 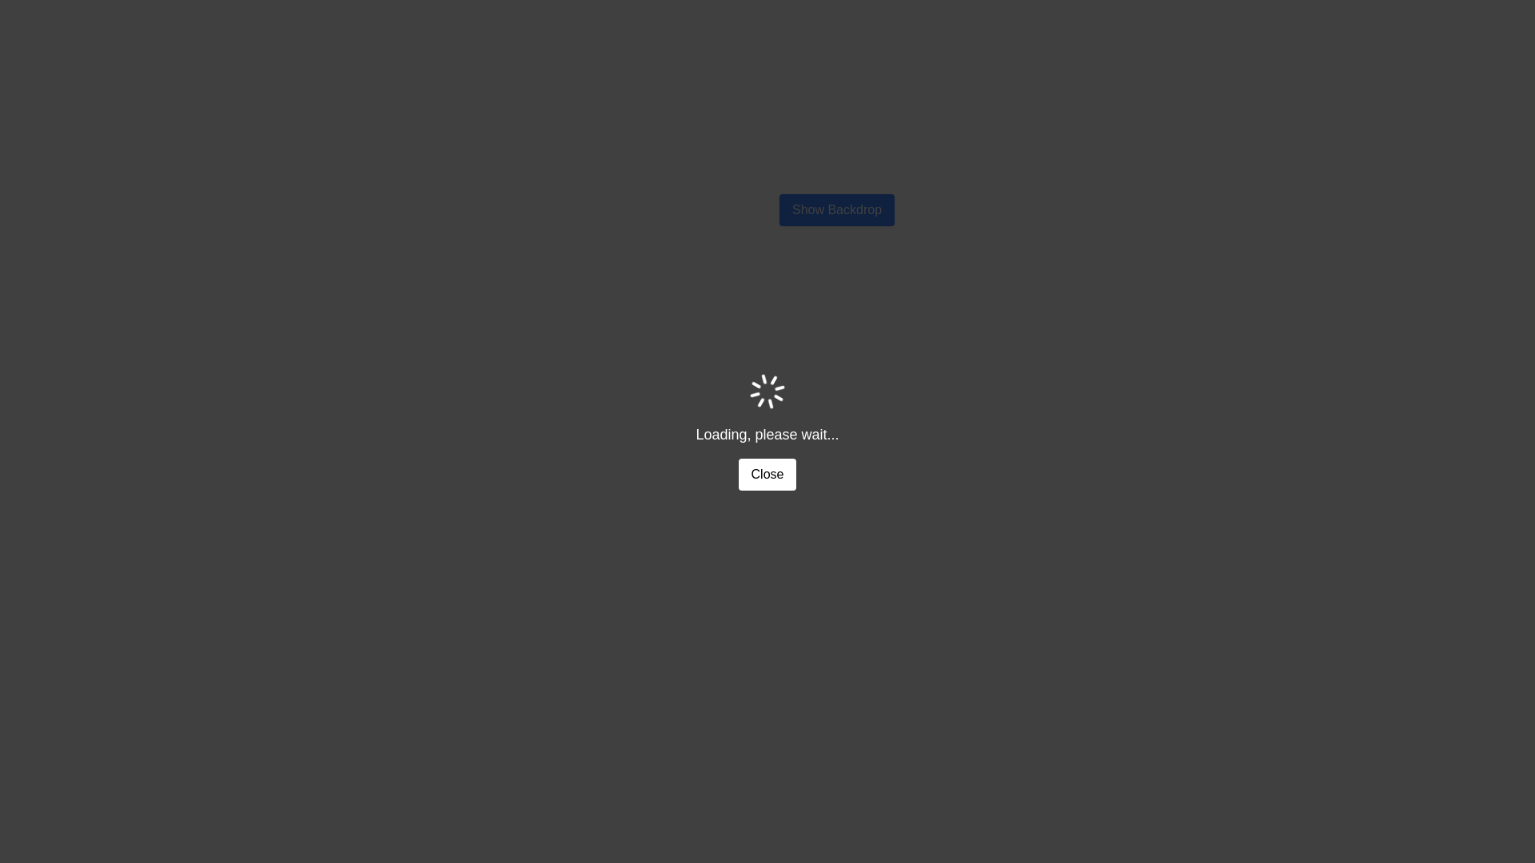 What do you see at coordinates (767, 434) in the screenshot?
I see `text displayed in the Text Label that indicates the system is currently processing or loading an operation, positioned below a spinning loader icon and above a 'Close' button` at bounding box center [767, 434].